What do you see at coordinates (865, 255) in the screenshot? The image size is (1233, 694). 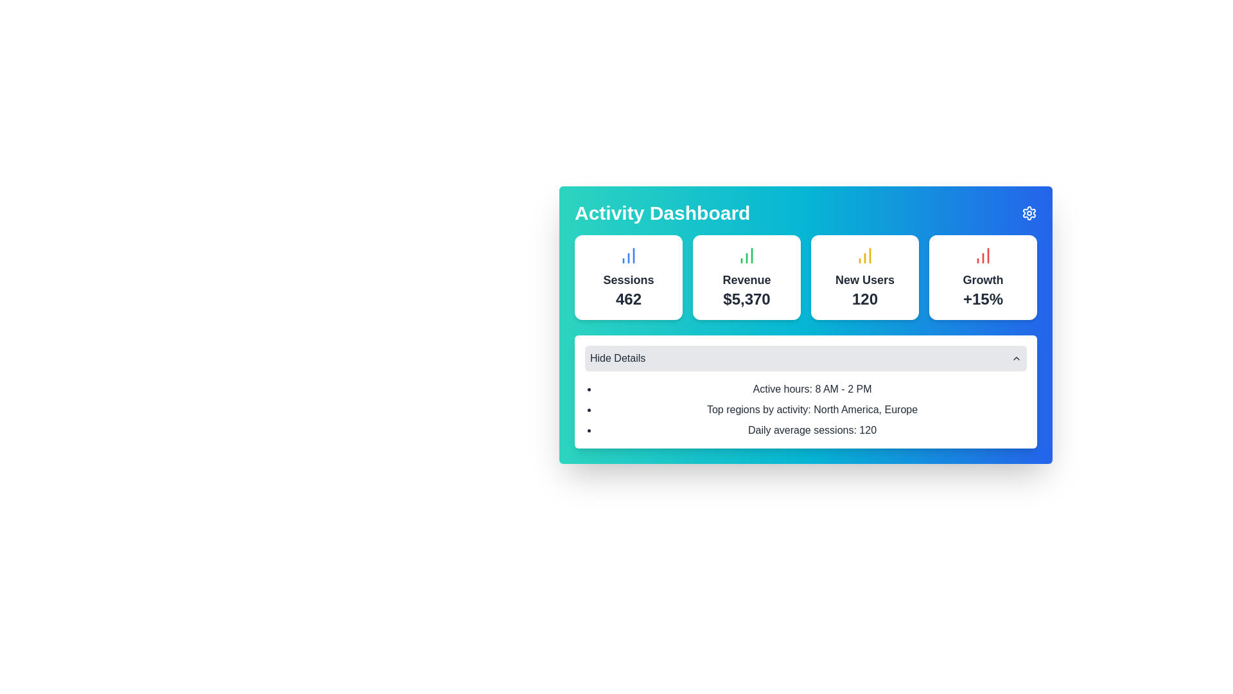 I see `the graphical icon representing the 'New Users' metric located in the 'New Users' card on the dashboard, which is positioned above the text 'New Users' and '120'` at bounding box center [865, 255].